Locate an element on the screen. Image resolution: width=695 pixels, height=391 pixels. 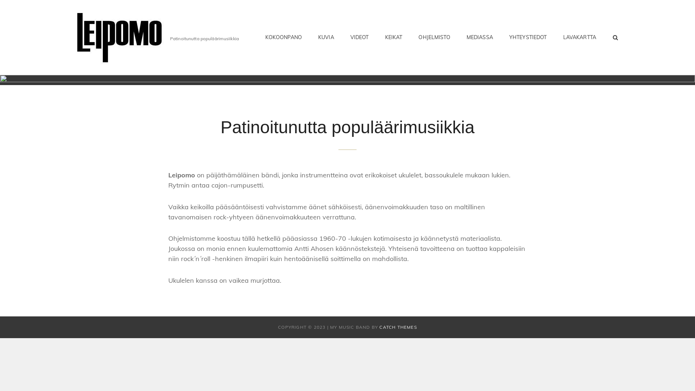
'KOKOONPANO' is located at coordinates (283, 37).